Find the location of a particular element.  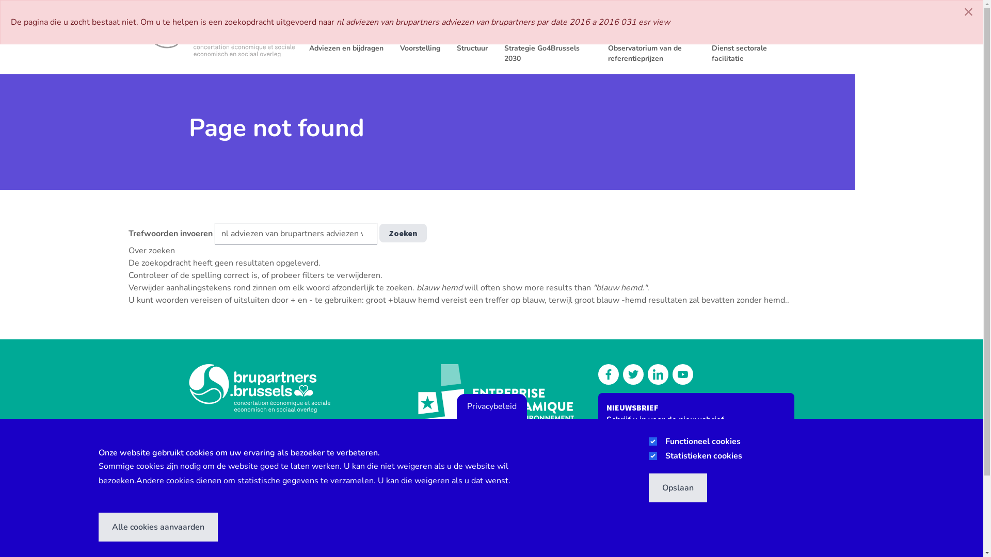

'LEDENZONE' is located at coordinates (780, 20).